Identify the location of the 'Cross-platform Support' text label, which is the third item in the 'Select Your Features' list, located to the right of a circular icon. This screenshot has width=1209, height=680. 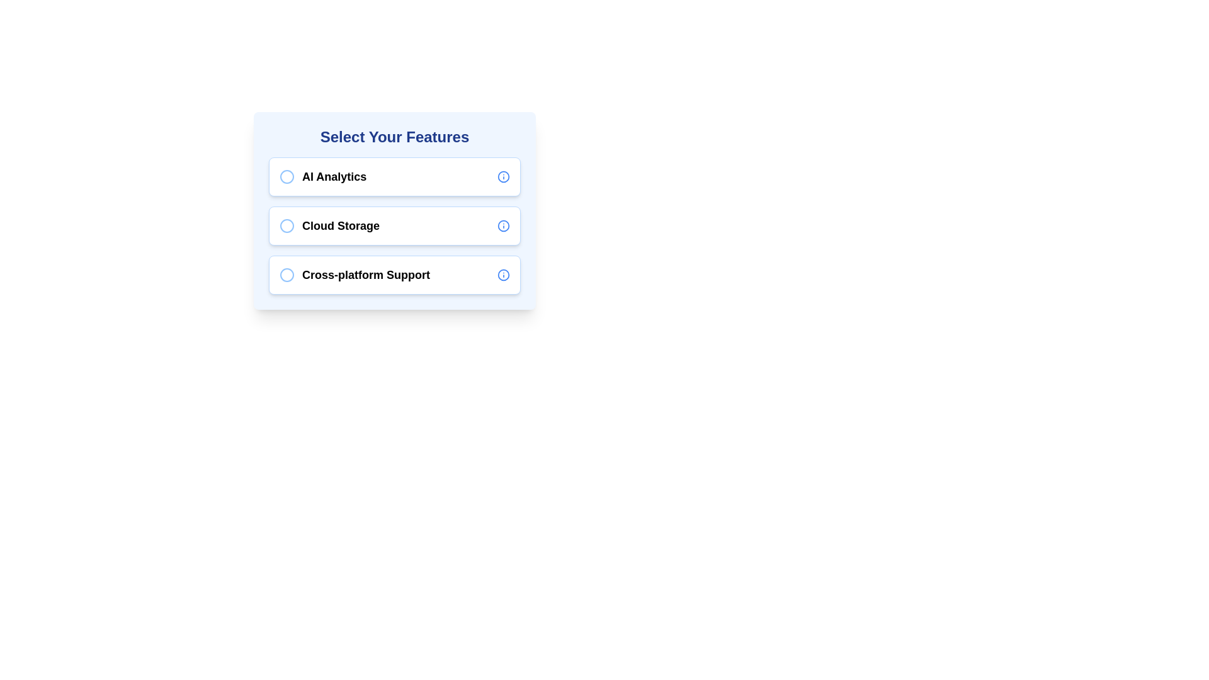
(365, 274).